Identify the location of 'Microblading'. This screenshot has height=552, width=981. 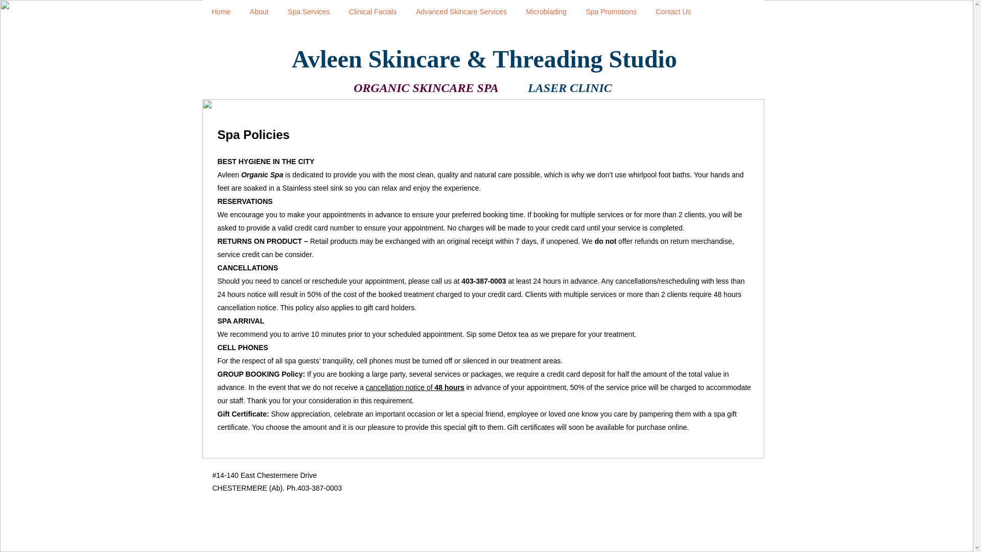
(546, 12).